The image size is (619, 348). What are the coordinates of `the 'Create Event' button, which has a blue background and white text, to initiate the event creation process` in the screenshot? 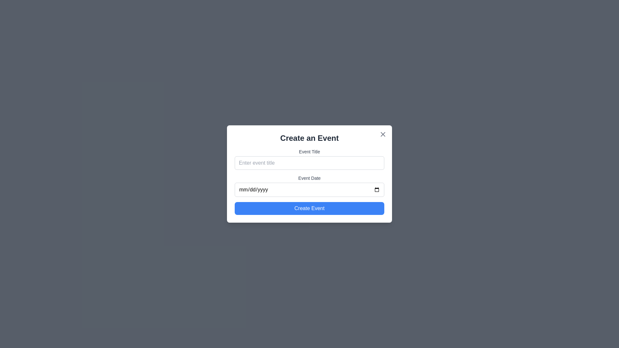 It's located at (309, 208).